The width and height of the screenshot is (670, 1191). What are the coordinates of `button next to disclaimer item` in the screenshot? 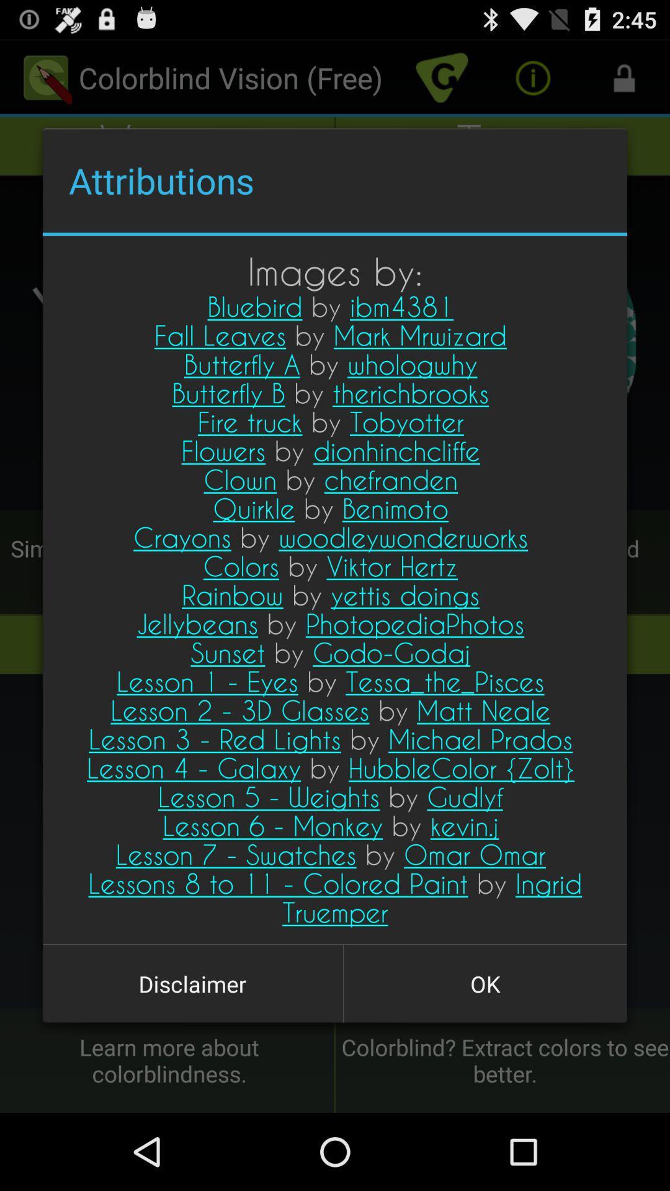 It's located at (485, 983).